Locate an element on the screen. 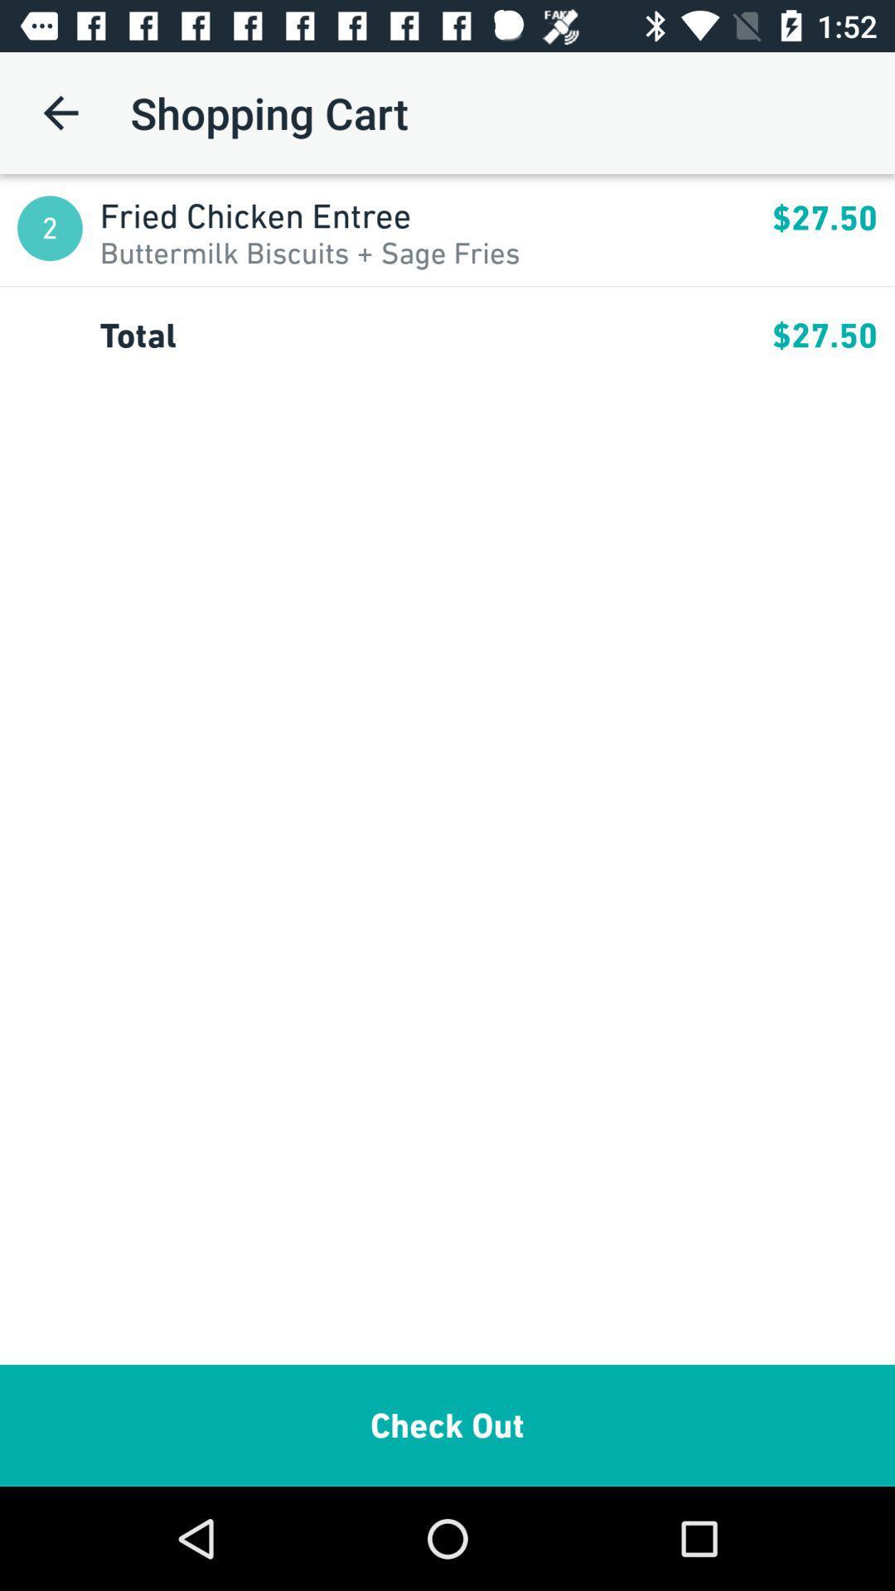 The width and height of the screenshot is (895, 1591). app above the buttermilk biscuits sage icon is located at coordinates (435, 215).